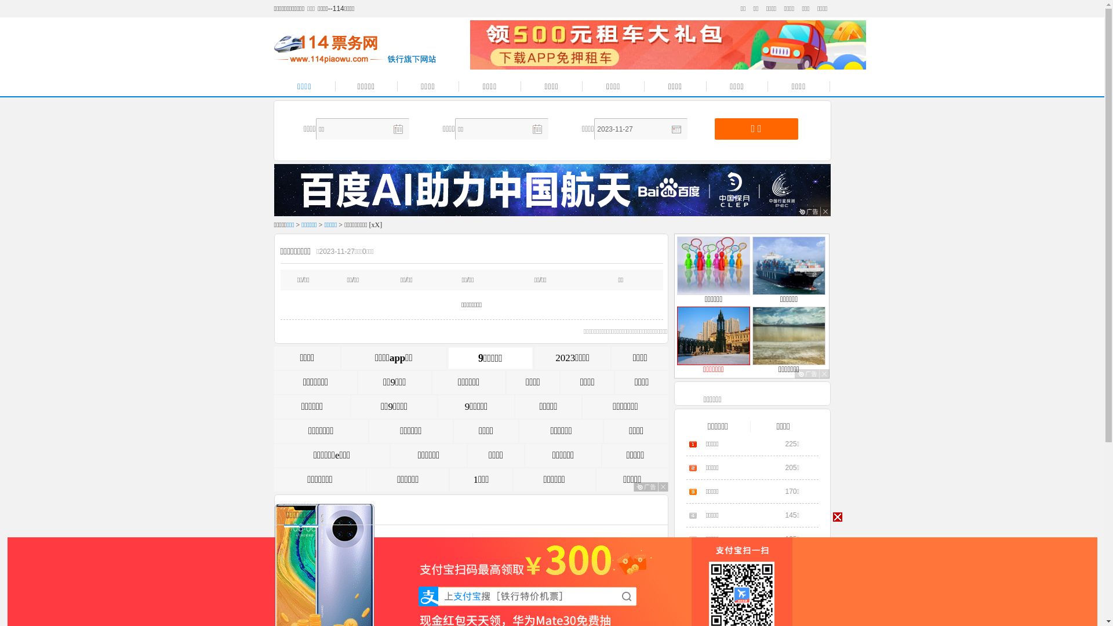 This screenshot has width=1113, height=626. I want to click on '[xX]', so click(369, 225).